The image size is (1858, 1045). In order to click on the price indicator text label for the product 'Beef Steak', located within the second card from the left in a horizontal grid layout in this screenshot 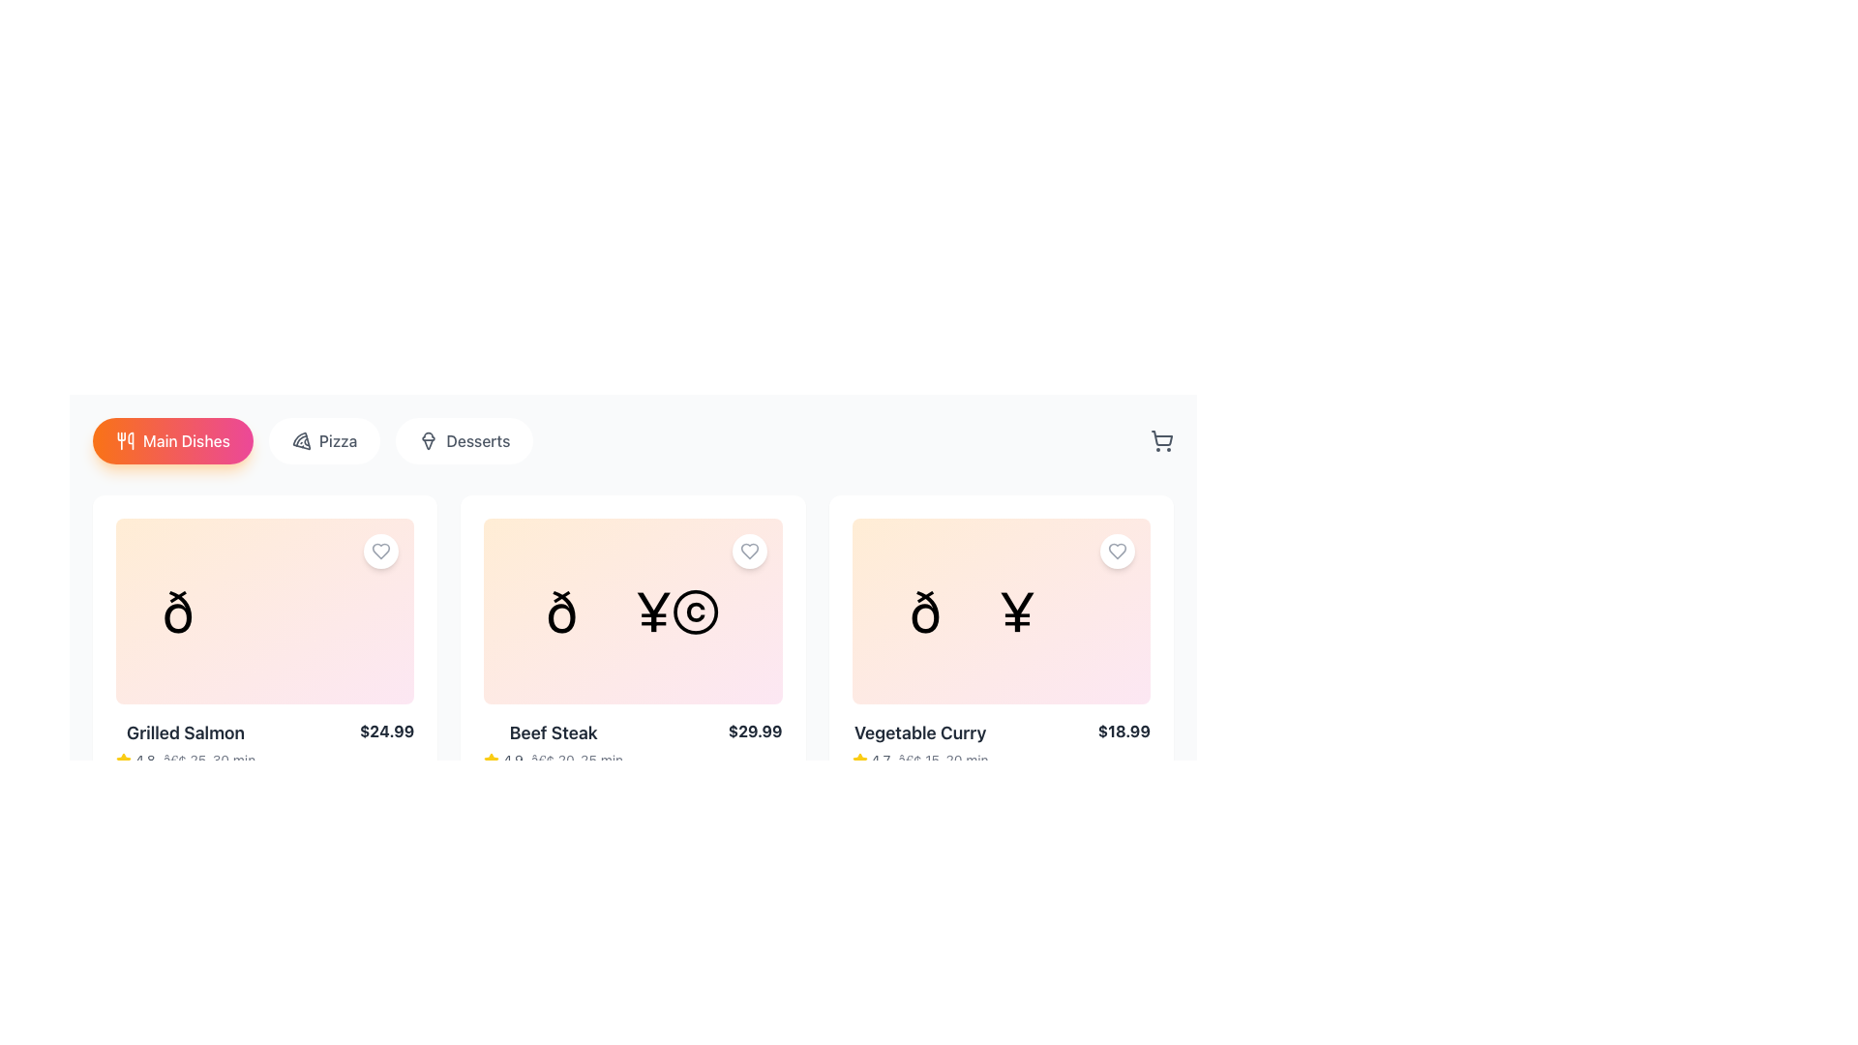, I will do `click(754, 731)`.